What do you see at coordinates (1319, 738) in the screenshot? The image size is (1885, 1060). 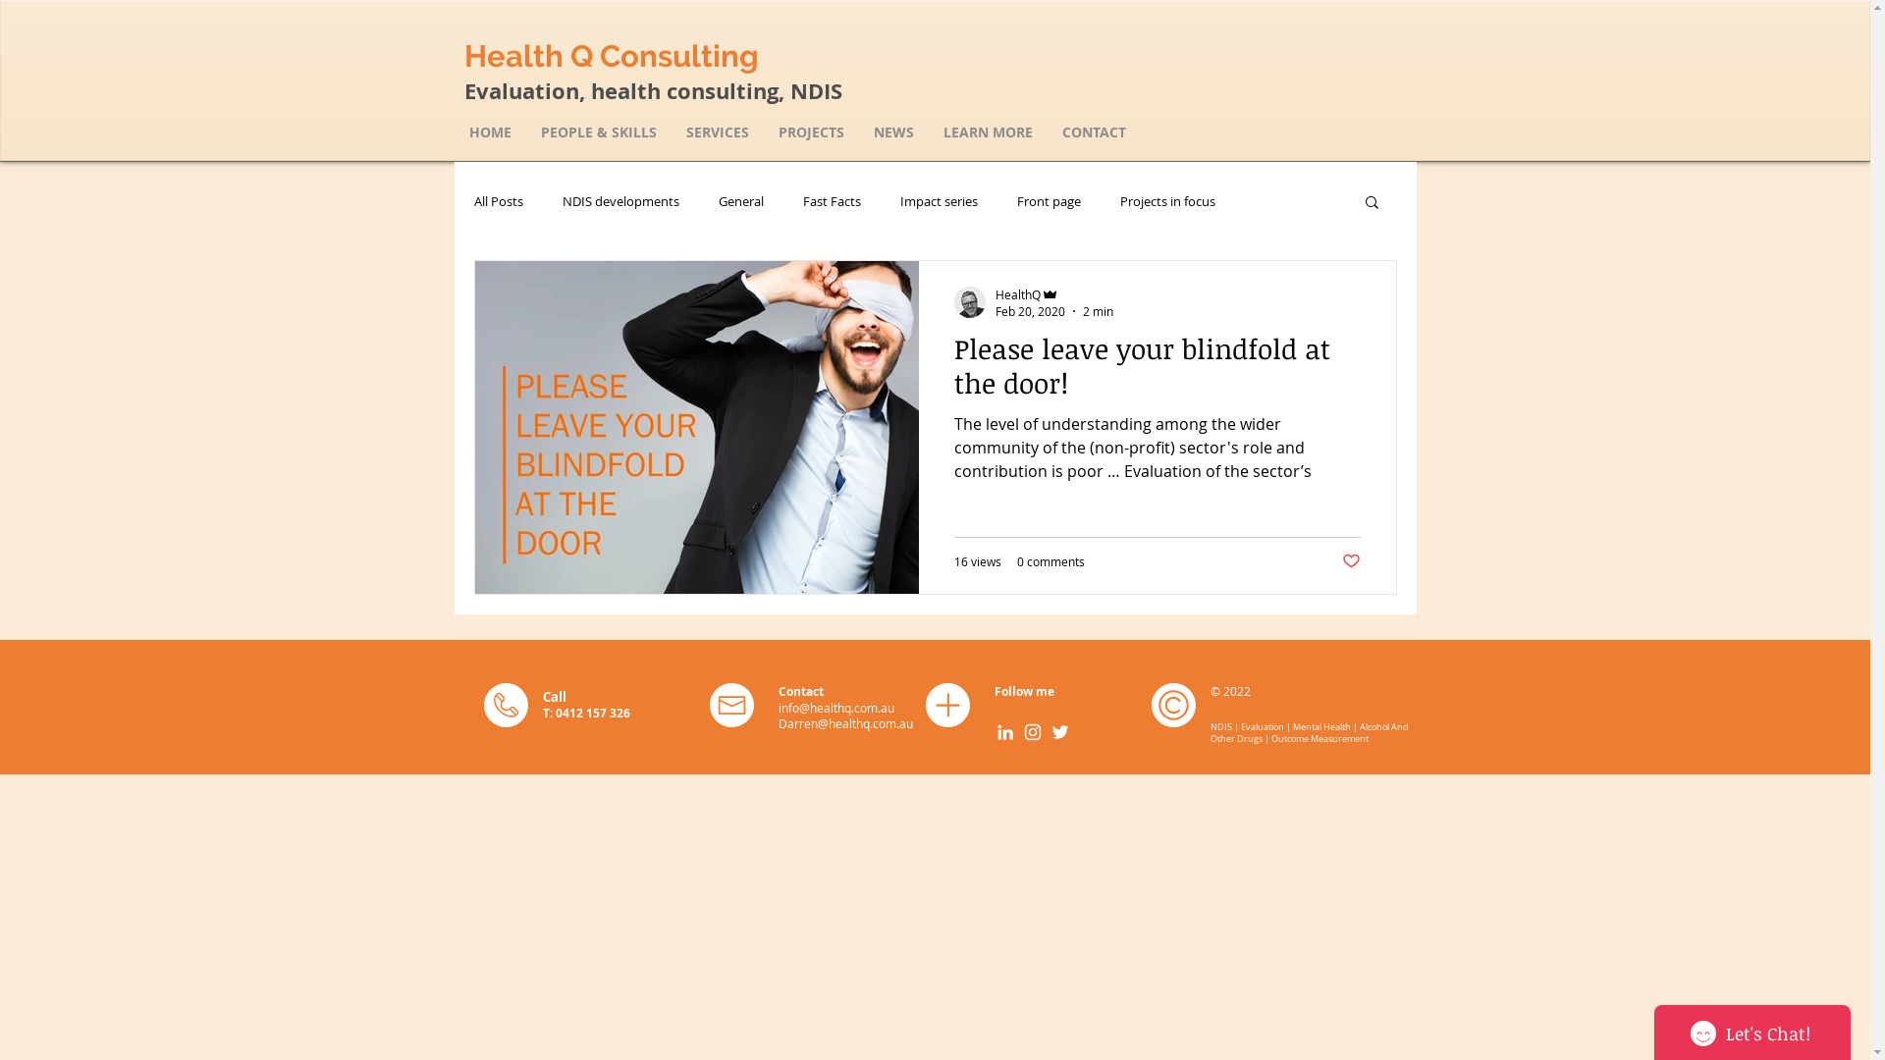 I see `'Outcome Measurement'` at bounding box center [1319, 738].